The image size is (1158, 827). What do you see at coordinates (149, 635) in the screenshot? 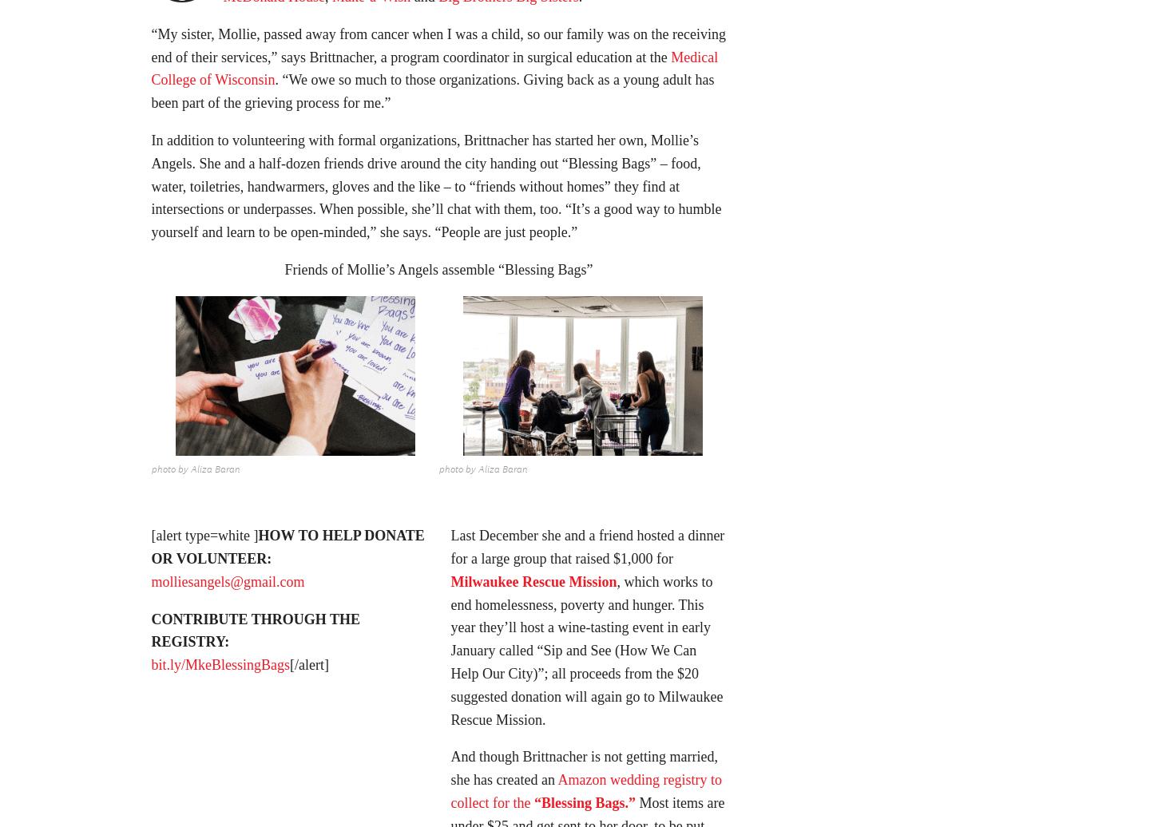
I see `'CONTRIBUTE THROUGH THE REGISTRY:'` at bounding box center [149, 635].